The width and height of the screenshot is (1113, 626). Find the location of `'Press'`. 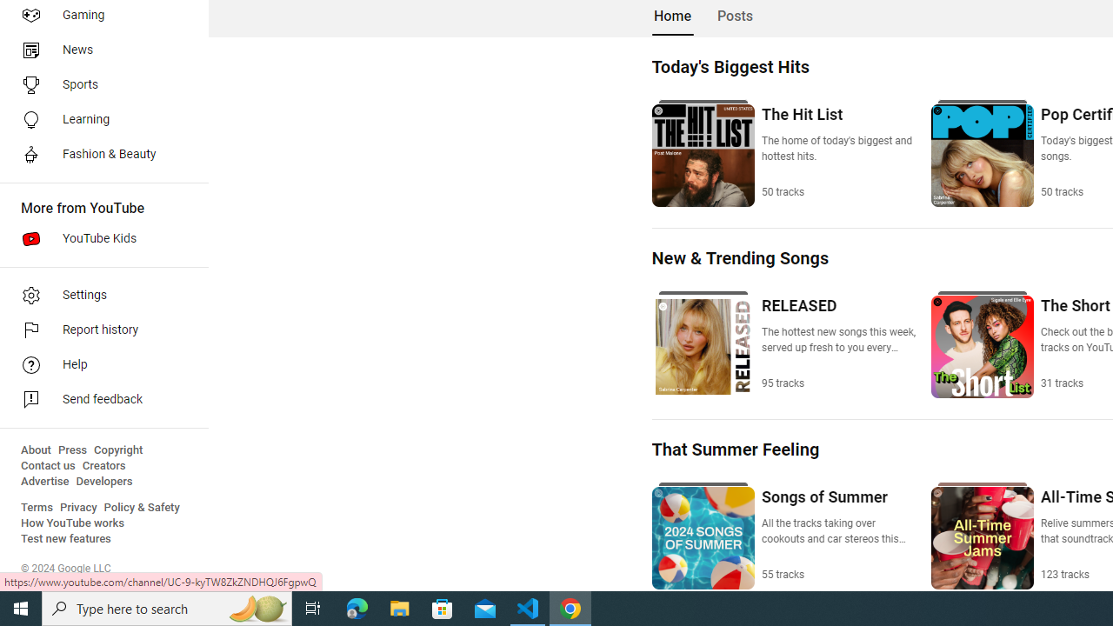

'Press' is located at coordinates (71, 450).